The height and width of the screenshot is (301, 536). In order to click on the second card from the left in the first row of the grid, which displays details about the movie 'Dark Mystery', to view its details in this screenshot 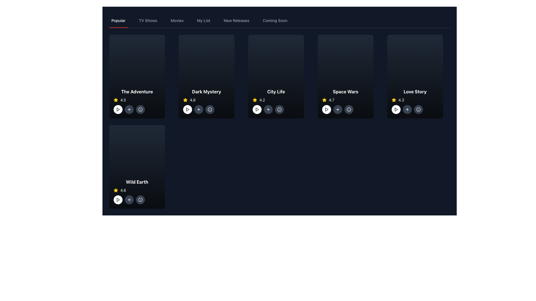, I will do `click(206, 76)`.